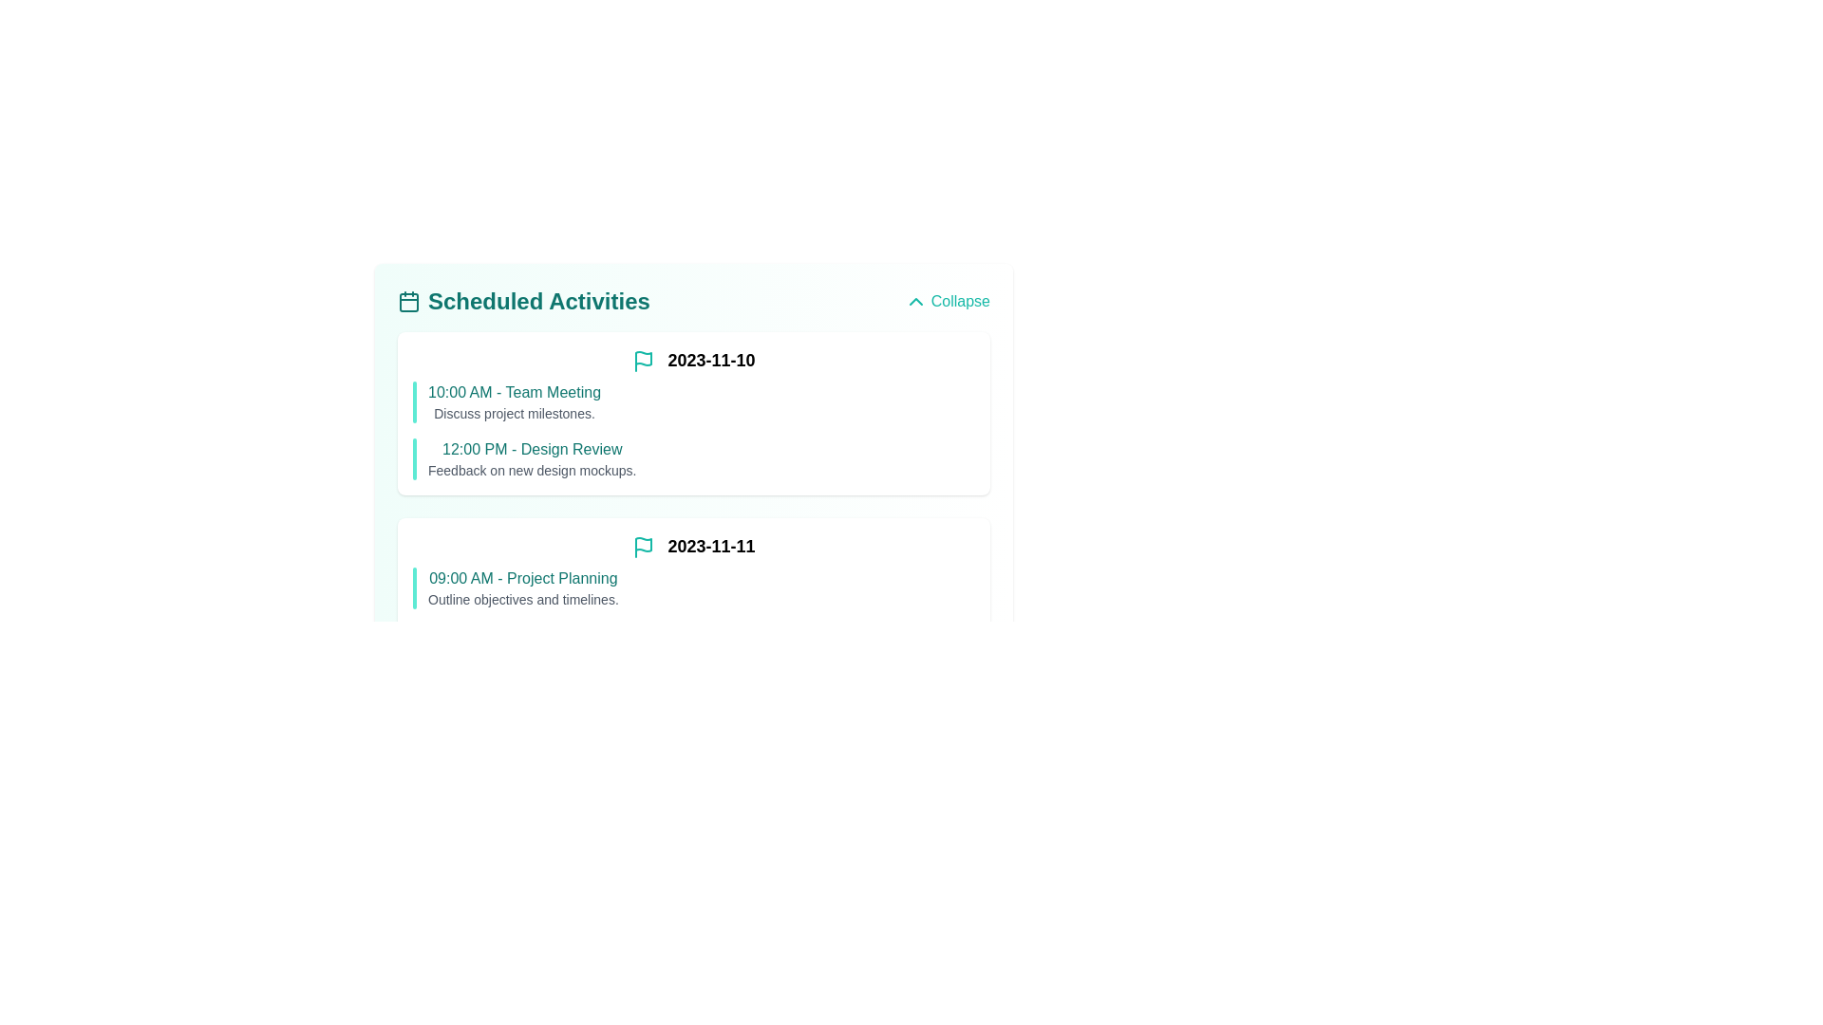 Image resolution: width=1823 pixels, height=1025 pixels. I want to click on displayed content of the Textual Information Block showing '10:00 AM - Team Meeting' and 'Discuss project milestones.', so click(515, 401).